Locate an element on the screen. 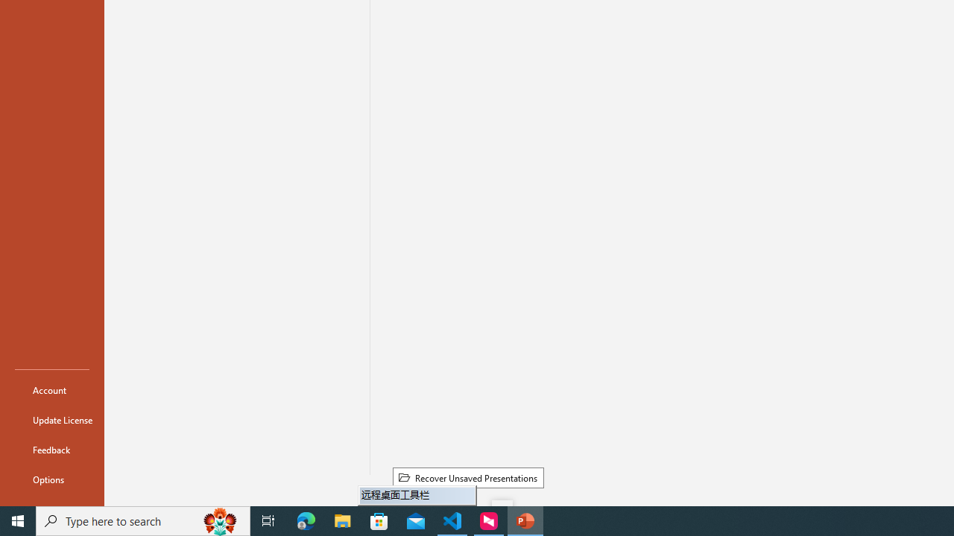  'Update License' is located at coordinates (51, 420).